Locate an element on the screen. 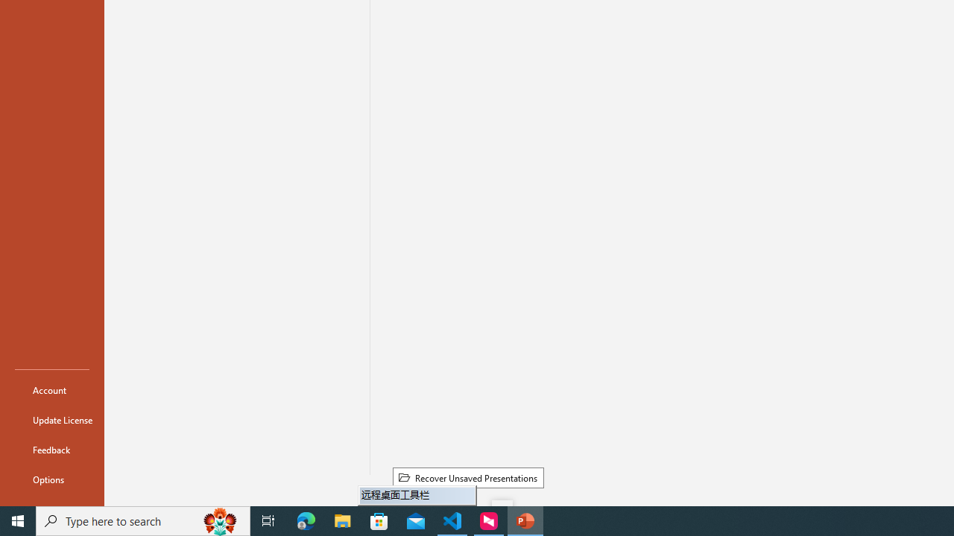  'Update License' is located at coordinates (51, 420).